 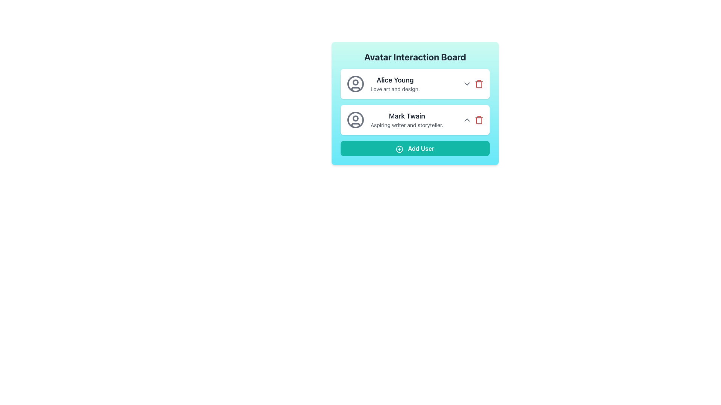 I want to click on the leftmost icon within the 'Add User' button, so click(x=399, y=149).